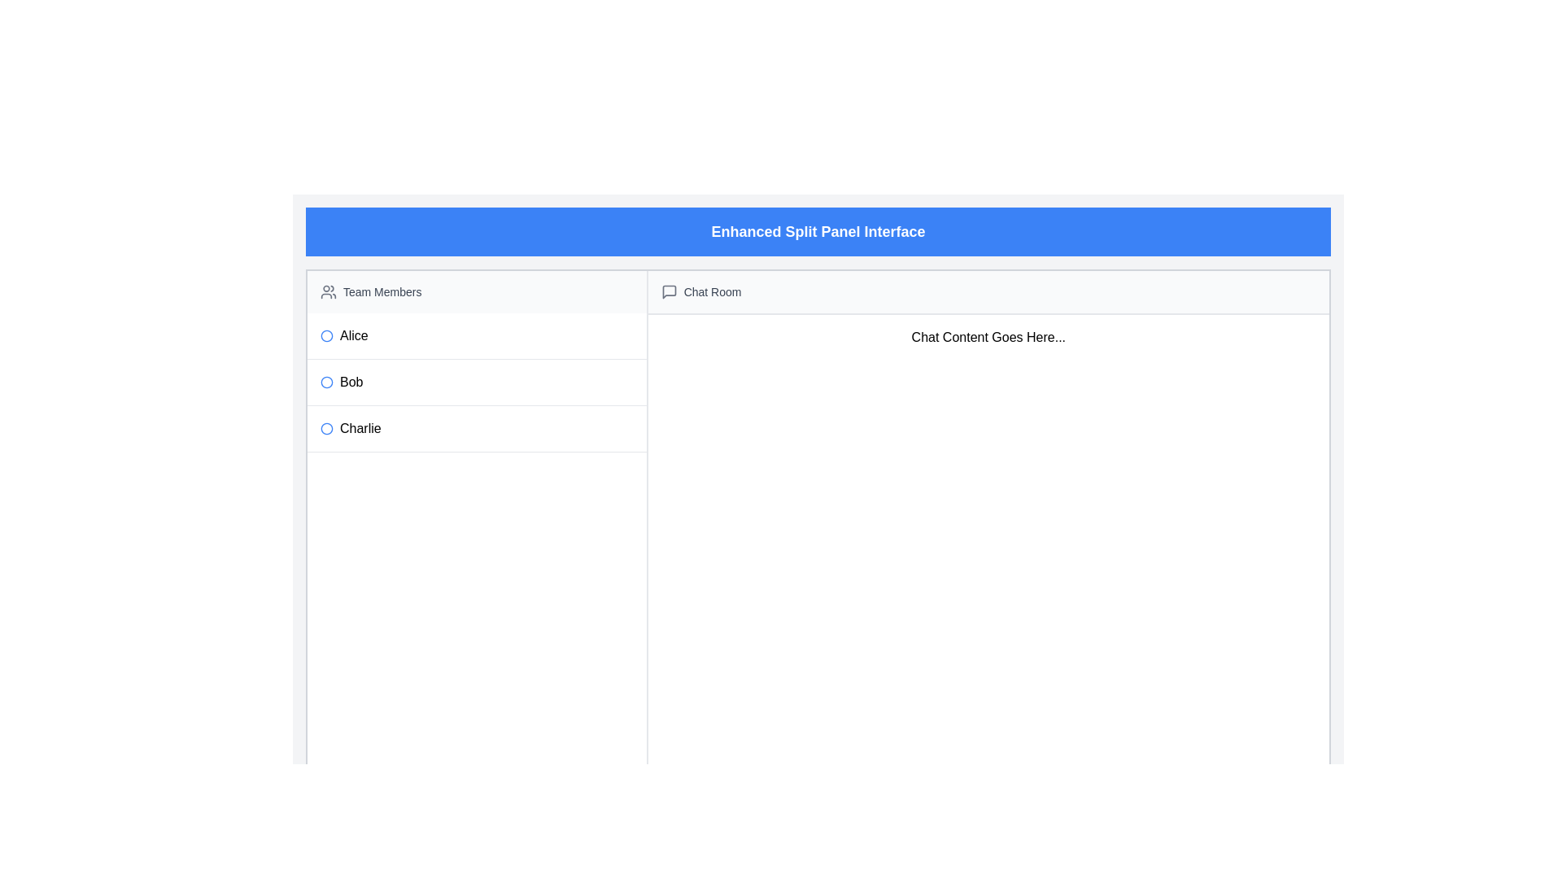  What do you see at coordinates (475, 383) in the screenshot?
I see `the list item displaying the name 'Bob'` at bounding box center [475, 383].